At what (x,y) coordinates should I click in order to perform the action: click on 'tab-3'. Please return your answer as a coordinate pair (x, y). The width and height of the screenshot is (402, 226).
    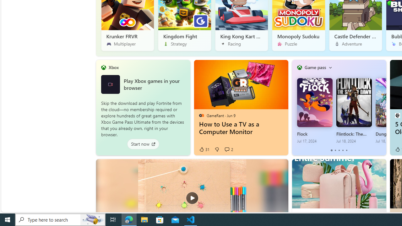
    Looking at the image, I should click on (342, 150).